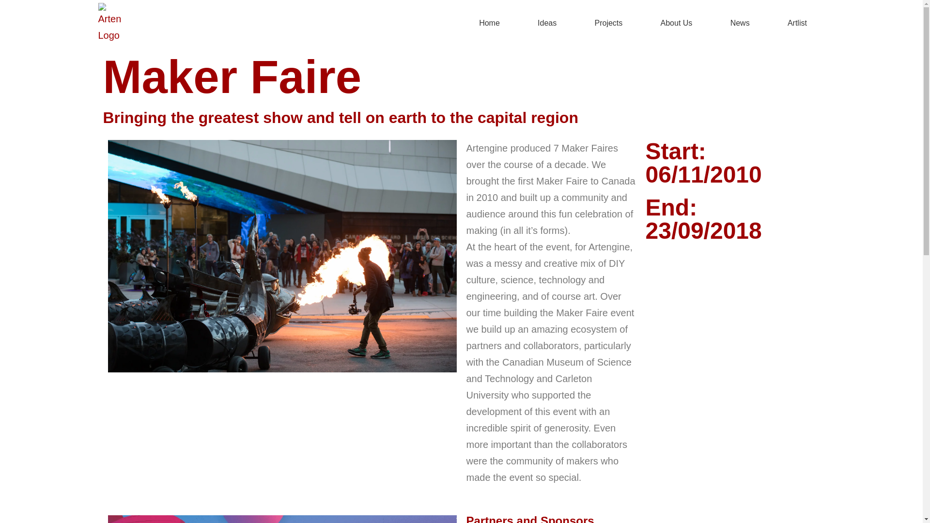 The image size is (930, 523). I want to click on 'Projects', so click(608, 22).